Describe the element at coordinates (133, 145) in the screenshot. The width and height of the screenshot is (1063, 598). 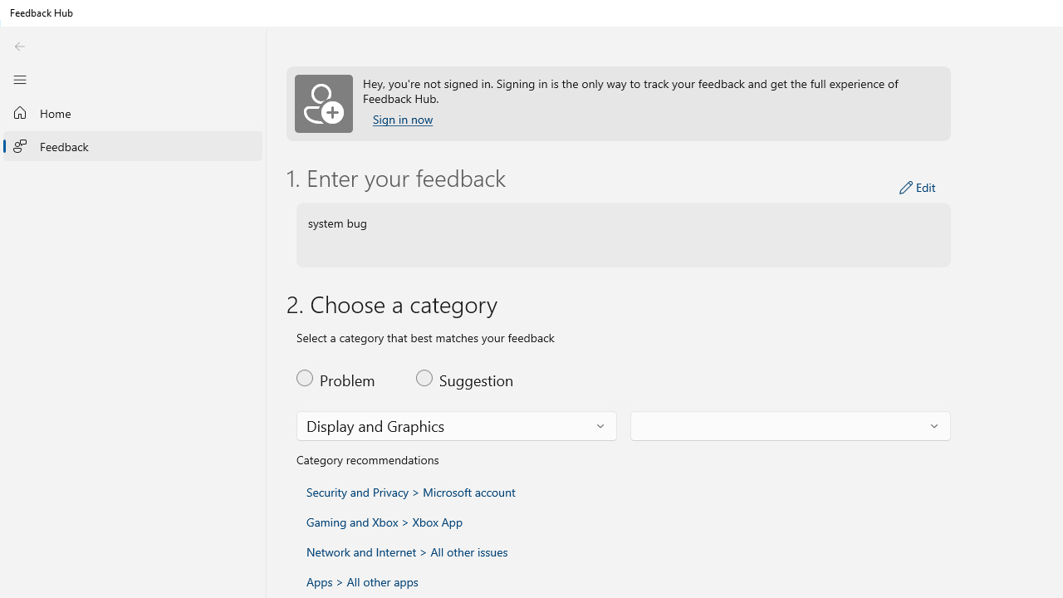
I see `'Feedback'` at that location.